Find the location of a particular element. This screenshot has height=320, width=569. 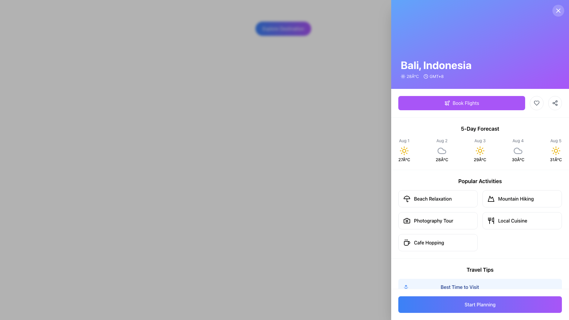

the sharing icon located in the upper-right of the card-like section is located at coordinates (554, 103).